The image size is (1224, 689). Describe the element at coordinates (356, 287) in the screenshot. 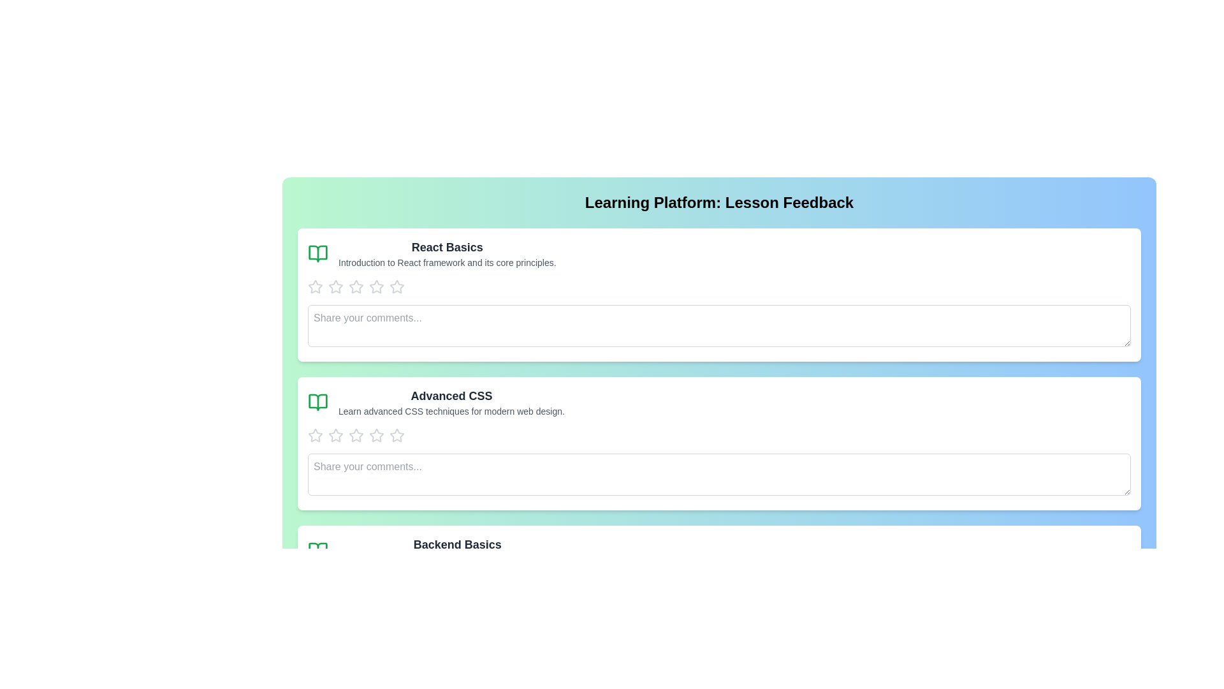

I see `the fourth star icon, which is gray and unselected, to rate it in the feedback interface under the 'React Basics' lesson heading` at that location.